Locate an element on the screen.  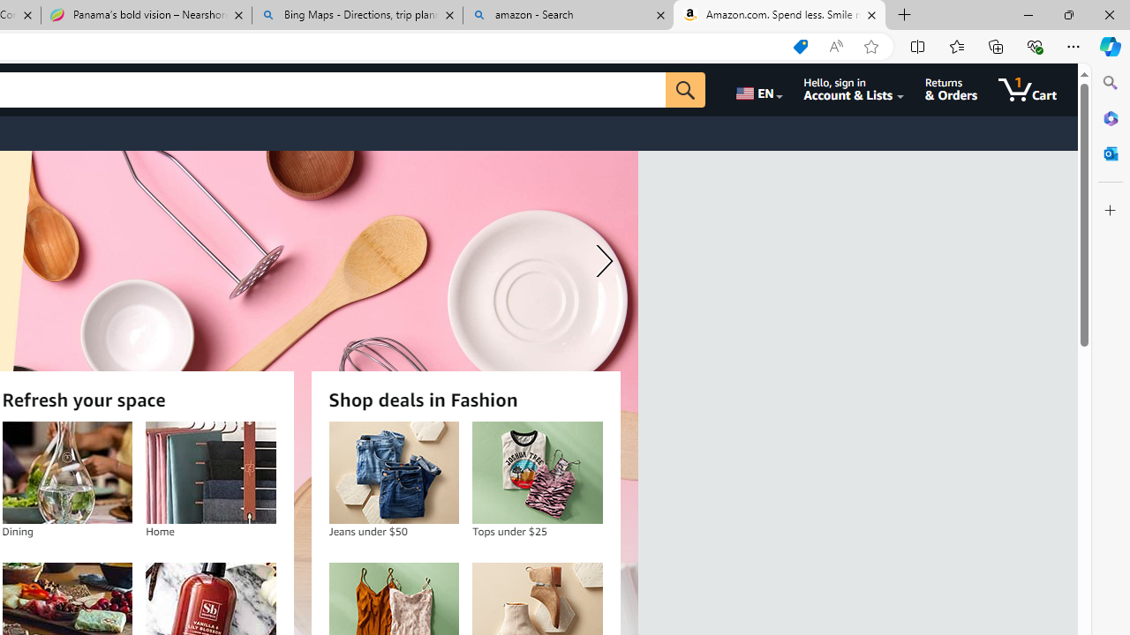
'Tops under $25' is located at coordinates (536, 472).